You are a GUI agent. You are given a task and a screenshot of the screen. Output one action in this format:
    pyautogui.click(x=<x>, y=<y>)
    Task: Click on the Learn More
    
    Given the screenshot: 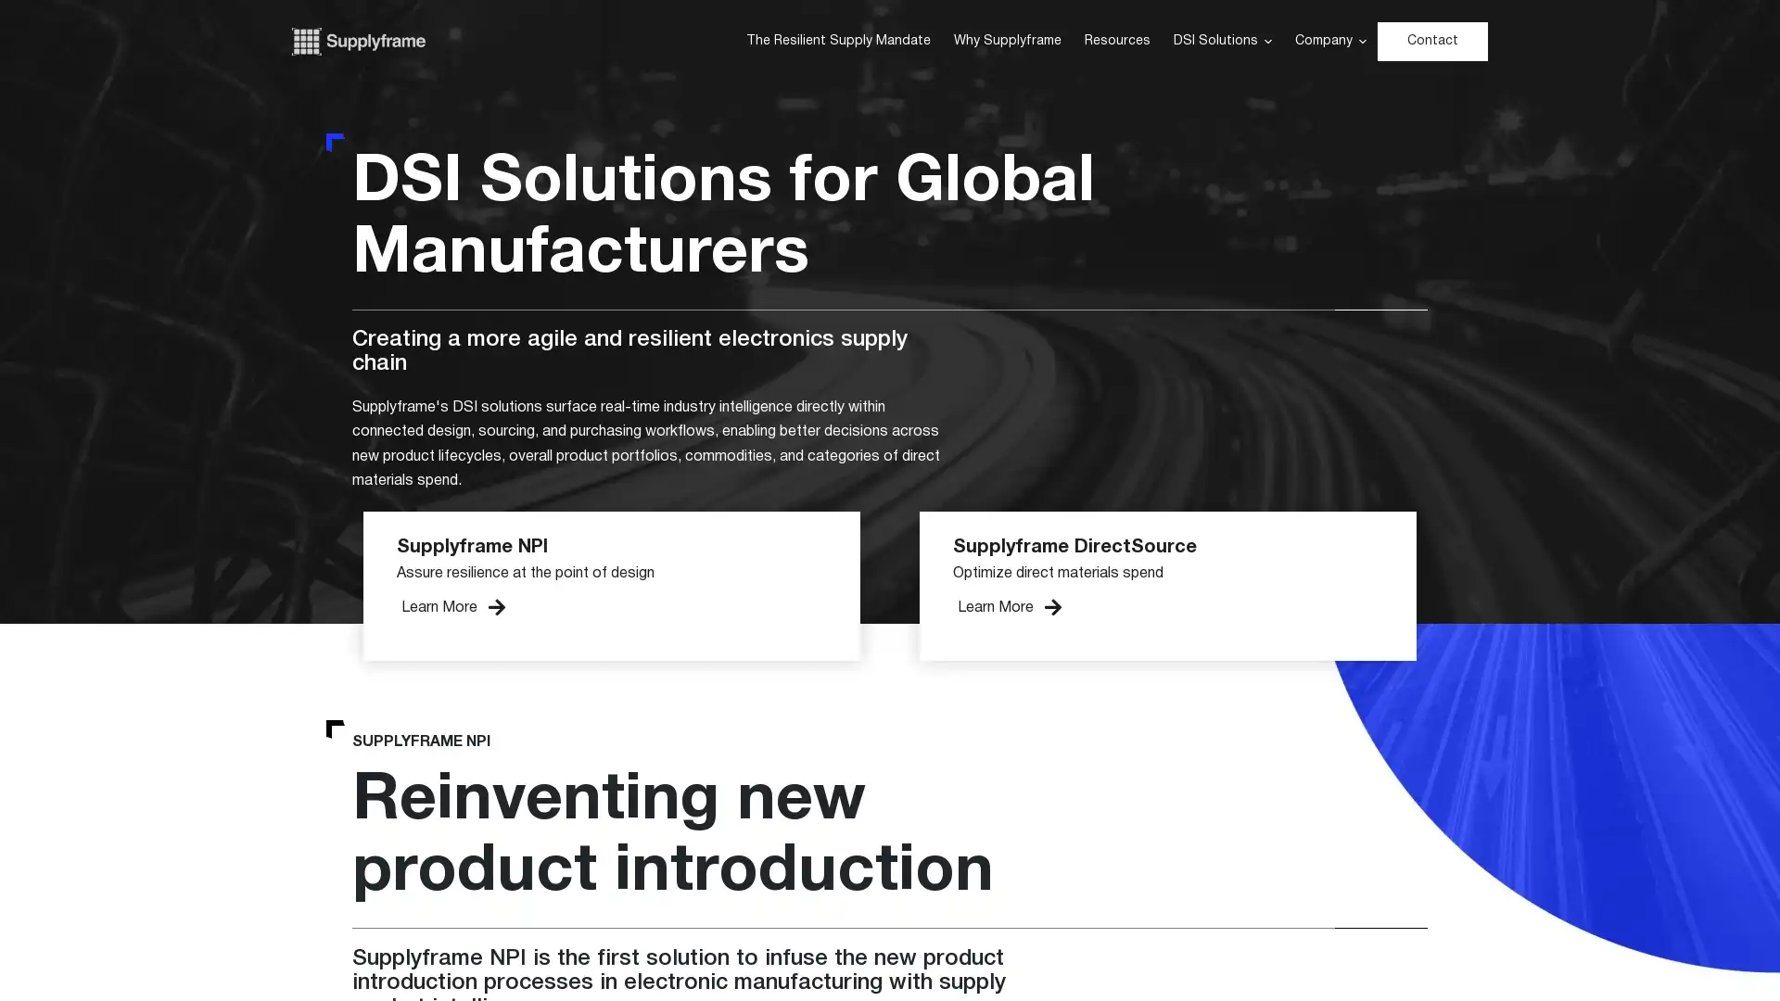 What is the action you would take?
    pyautogui.click(x=453, y=607)
    